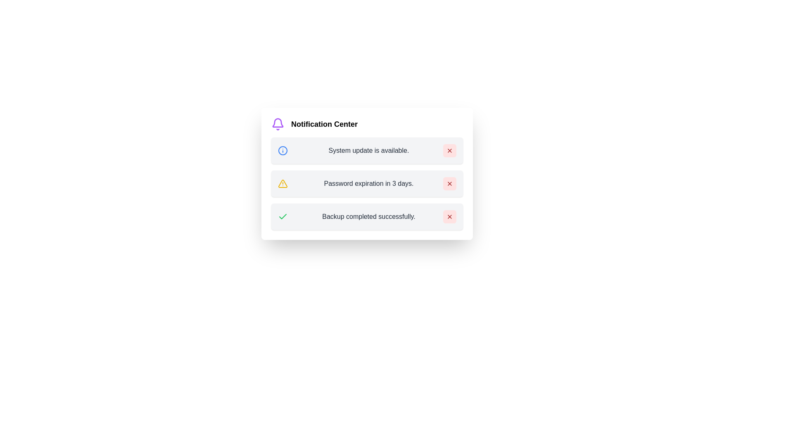 The width and height of the screenshot is (793, 446). I want to click on close button for System update is available. to dismiss it, so click(449, 151).